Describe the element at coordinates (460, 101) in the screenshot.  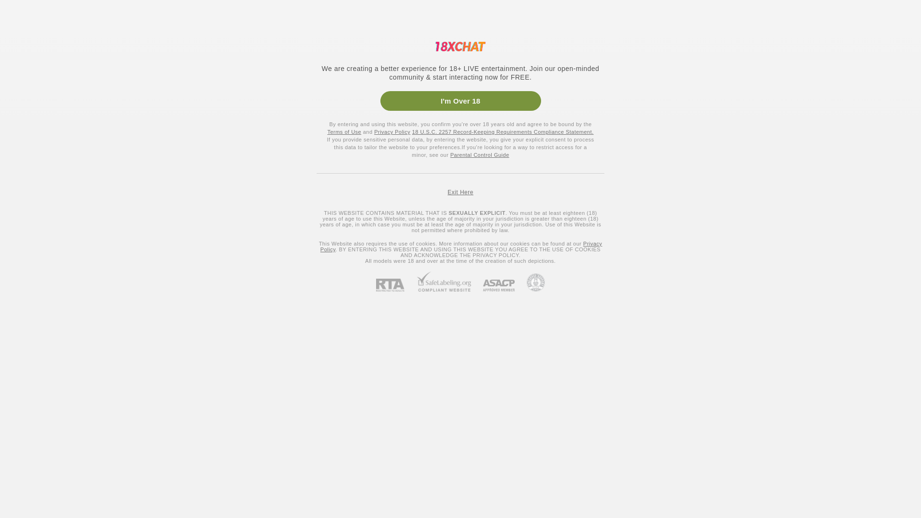
I see `'I'm Over 18'` at that location.